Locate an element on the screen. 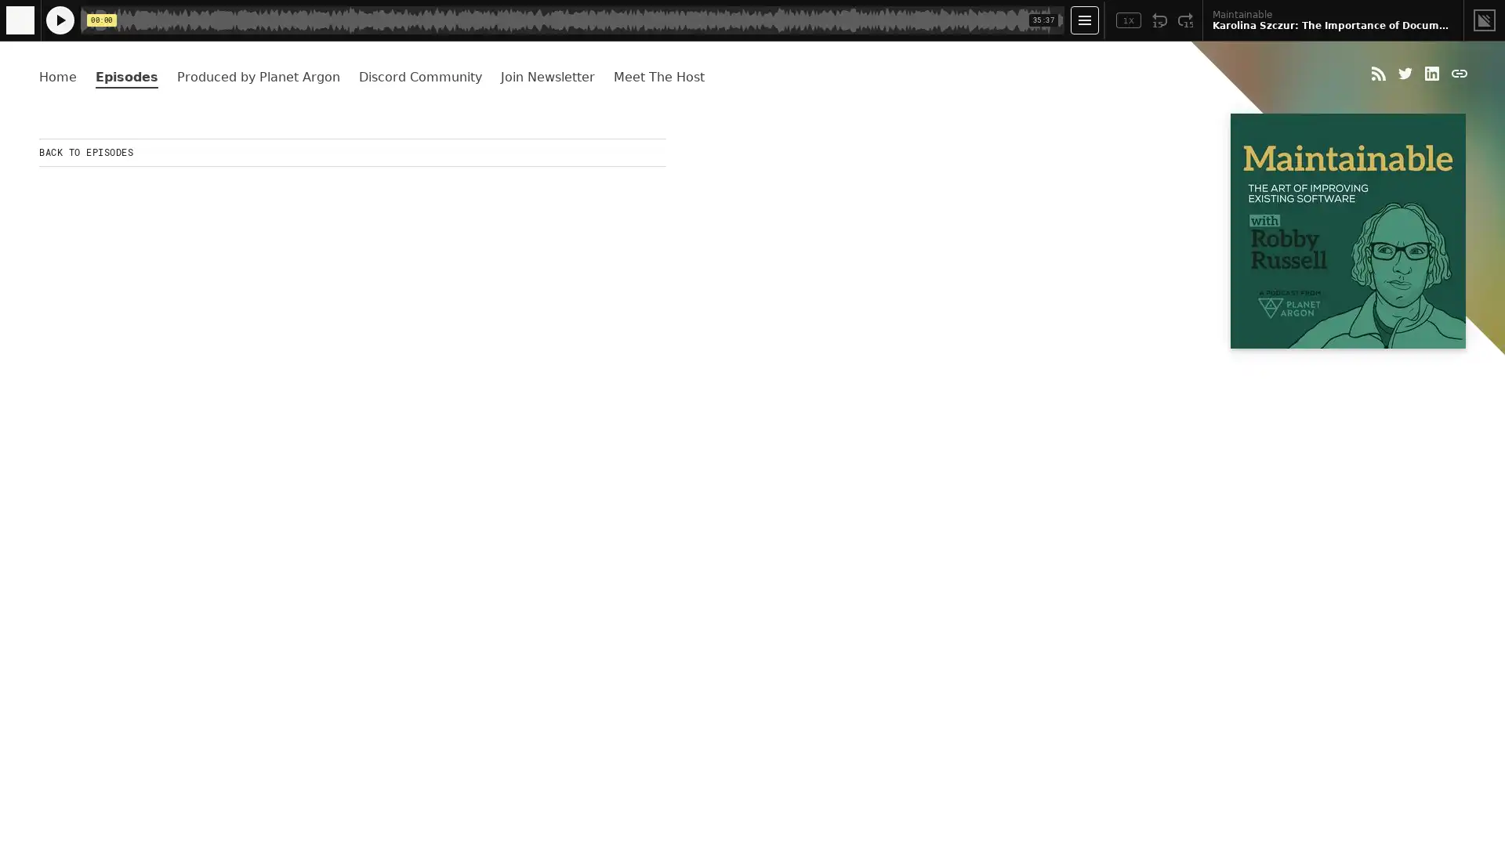 This screenshot has height=846, width=1505. Rewind 15 Seconds is located at coordinates (1159, 20).